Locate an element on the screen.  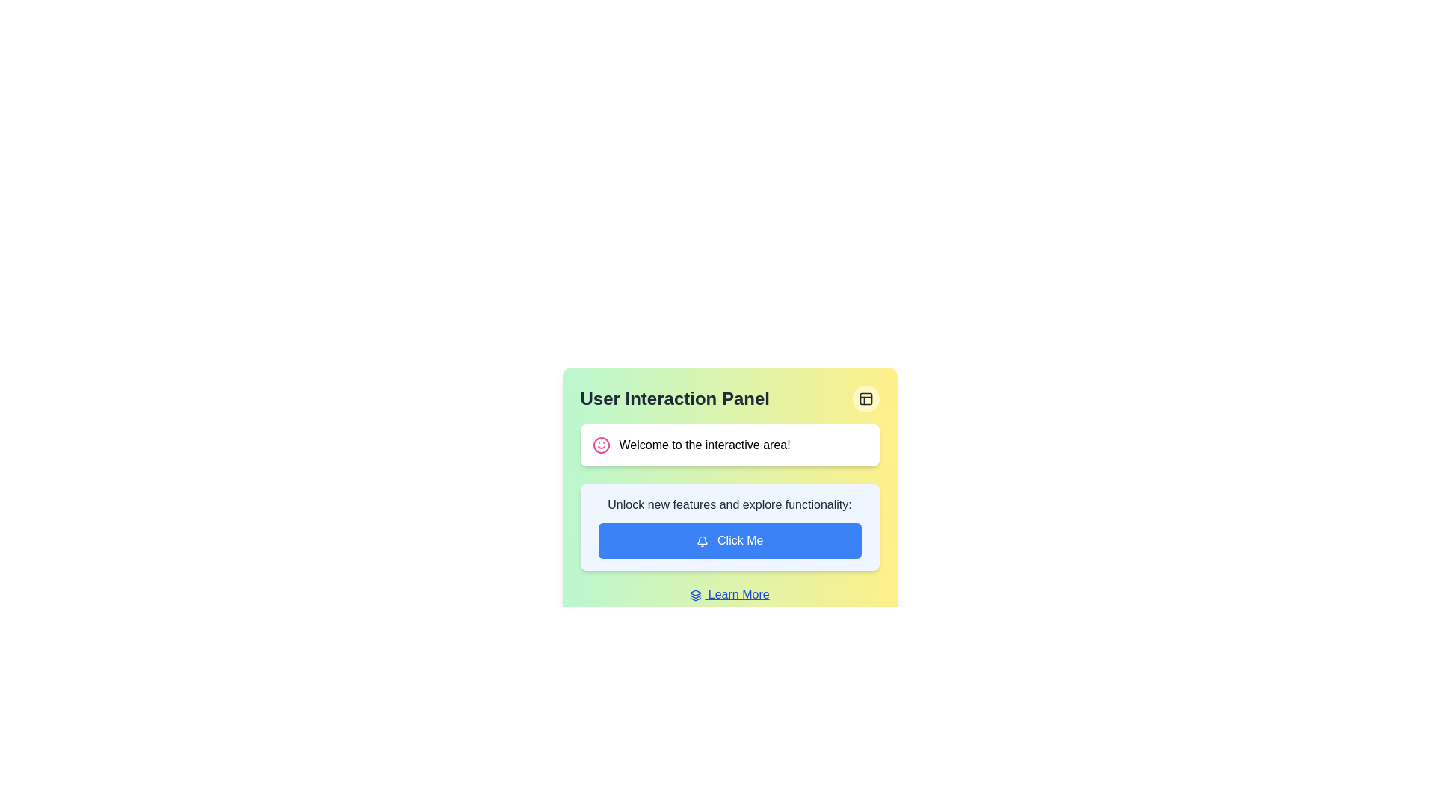
the button with an icon located at the top-right corner of the 'User Interaction Panel' section is located at coordinates (865, 398).